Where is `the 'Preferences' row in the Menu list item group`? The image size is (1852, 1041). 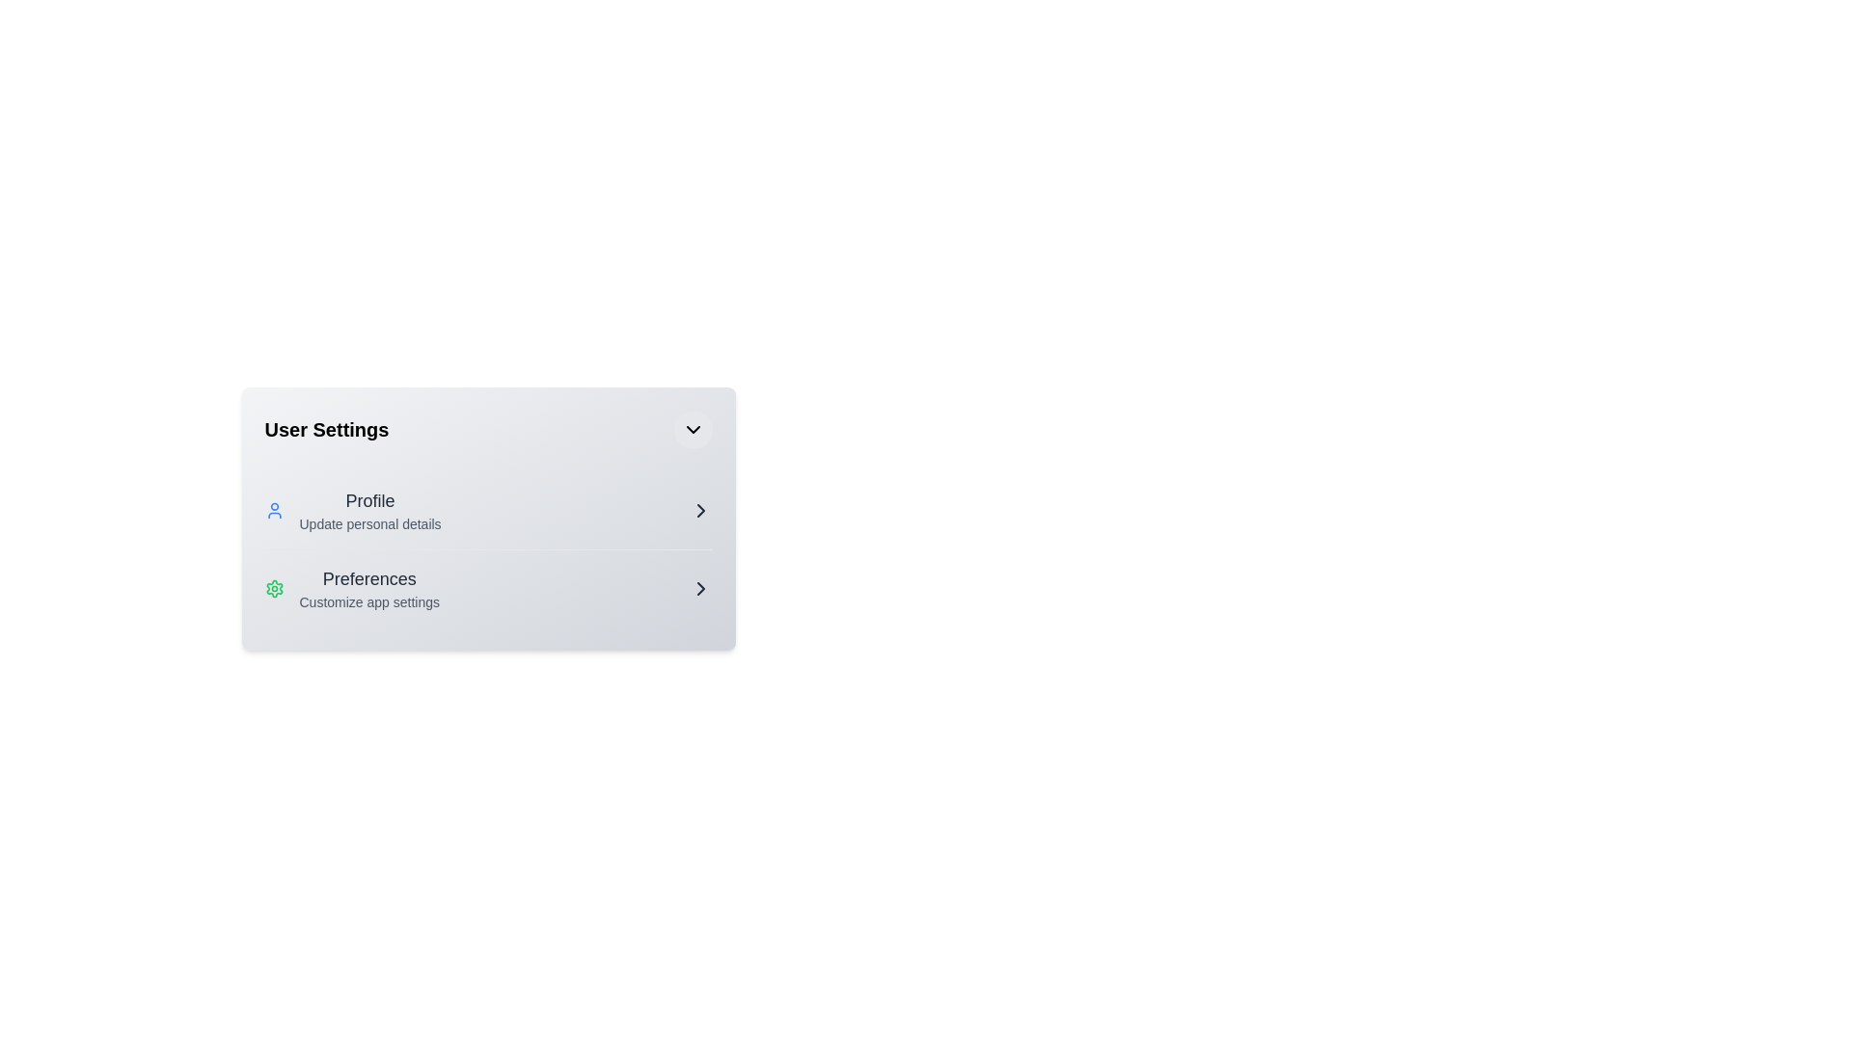
the 'Preferences' row in the Menu list item group is located at coordinates (488, 549).